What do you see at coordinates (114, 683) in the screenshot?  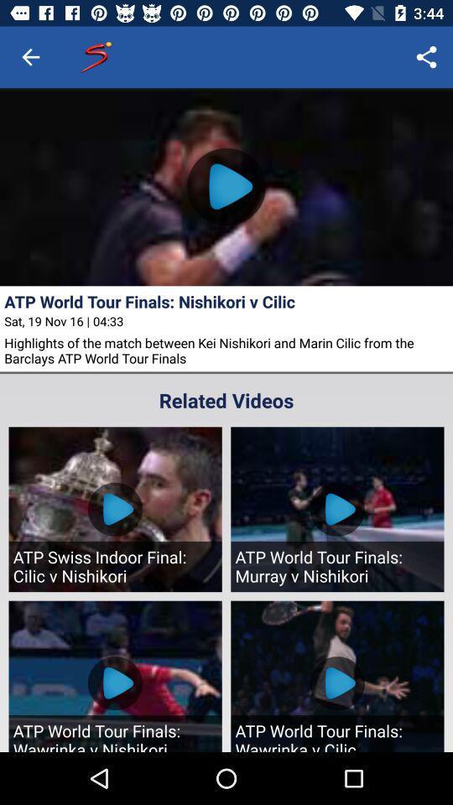 I see `the play button in first image of bottom row` at bounding box center [114, 683].